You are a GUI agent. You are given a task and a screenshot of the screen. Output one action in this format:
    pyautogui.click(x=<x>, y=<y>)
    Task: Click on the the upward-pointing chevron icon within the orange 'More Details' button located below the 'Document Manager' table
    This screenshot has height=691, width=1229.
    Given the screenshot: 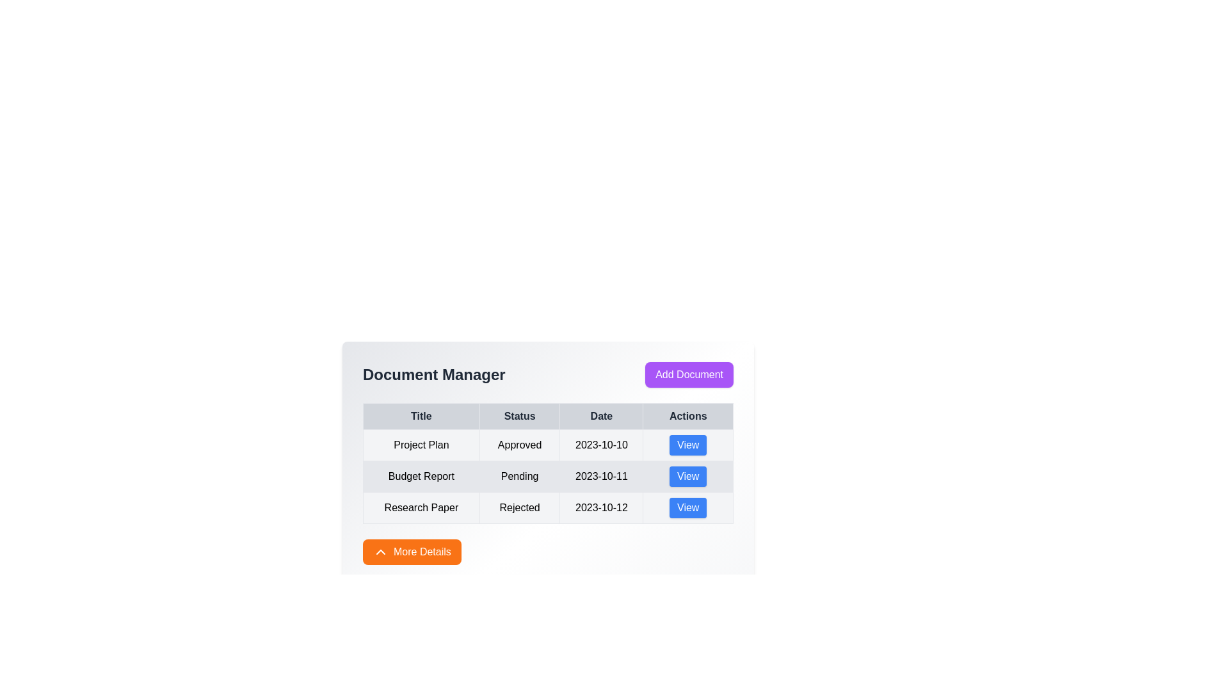 What is the action you would take?
    pyautogui.click(x=380, y=552)
    